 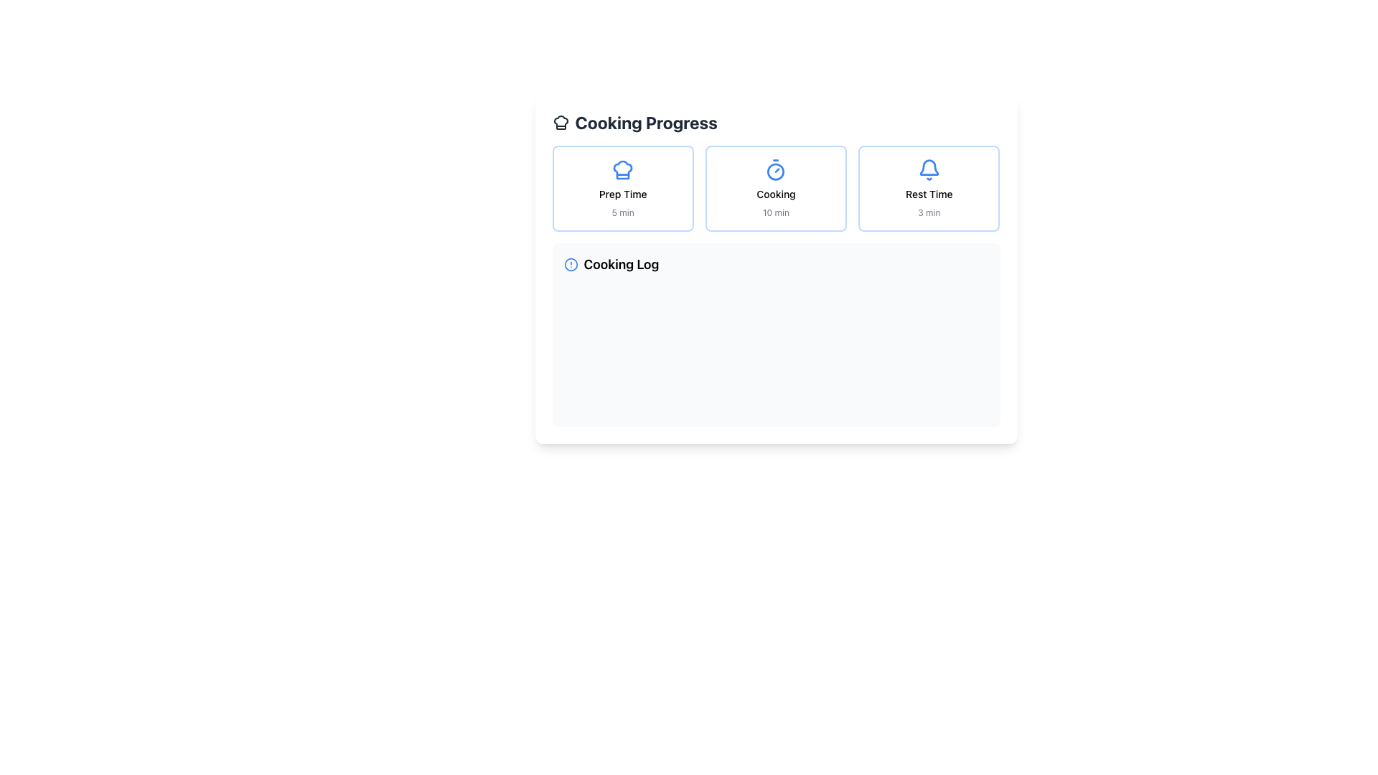 What do you see at coordinates (775, 187) in the screenshot?
I see `the card-style display element that shows the cooking duration of '10 min', located in the center column of the grid below the 'Cooking Progress' heading` at bounding box center [775, 187].